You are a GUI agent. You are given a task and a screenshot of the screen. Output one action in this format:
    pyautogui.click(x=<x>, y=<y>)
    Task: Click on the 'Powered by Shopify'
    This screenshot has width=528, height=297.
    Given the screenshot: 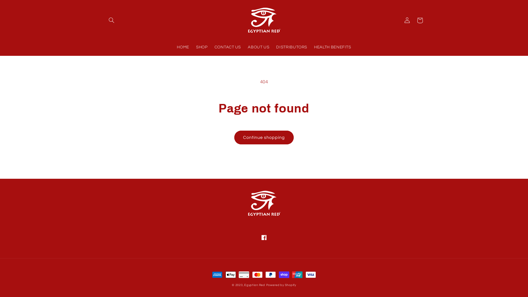 What is the action you would take?
    pyautogui.click(x=281, y=285)
    